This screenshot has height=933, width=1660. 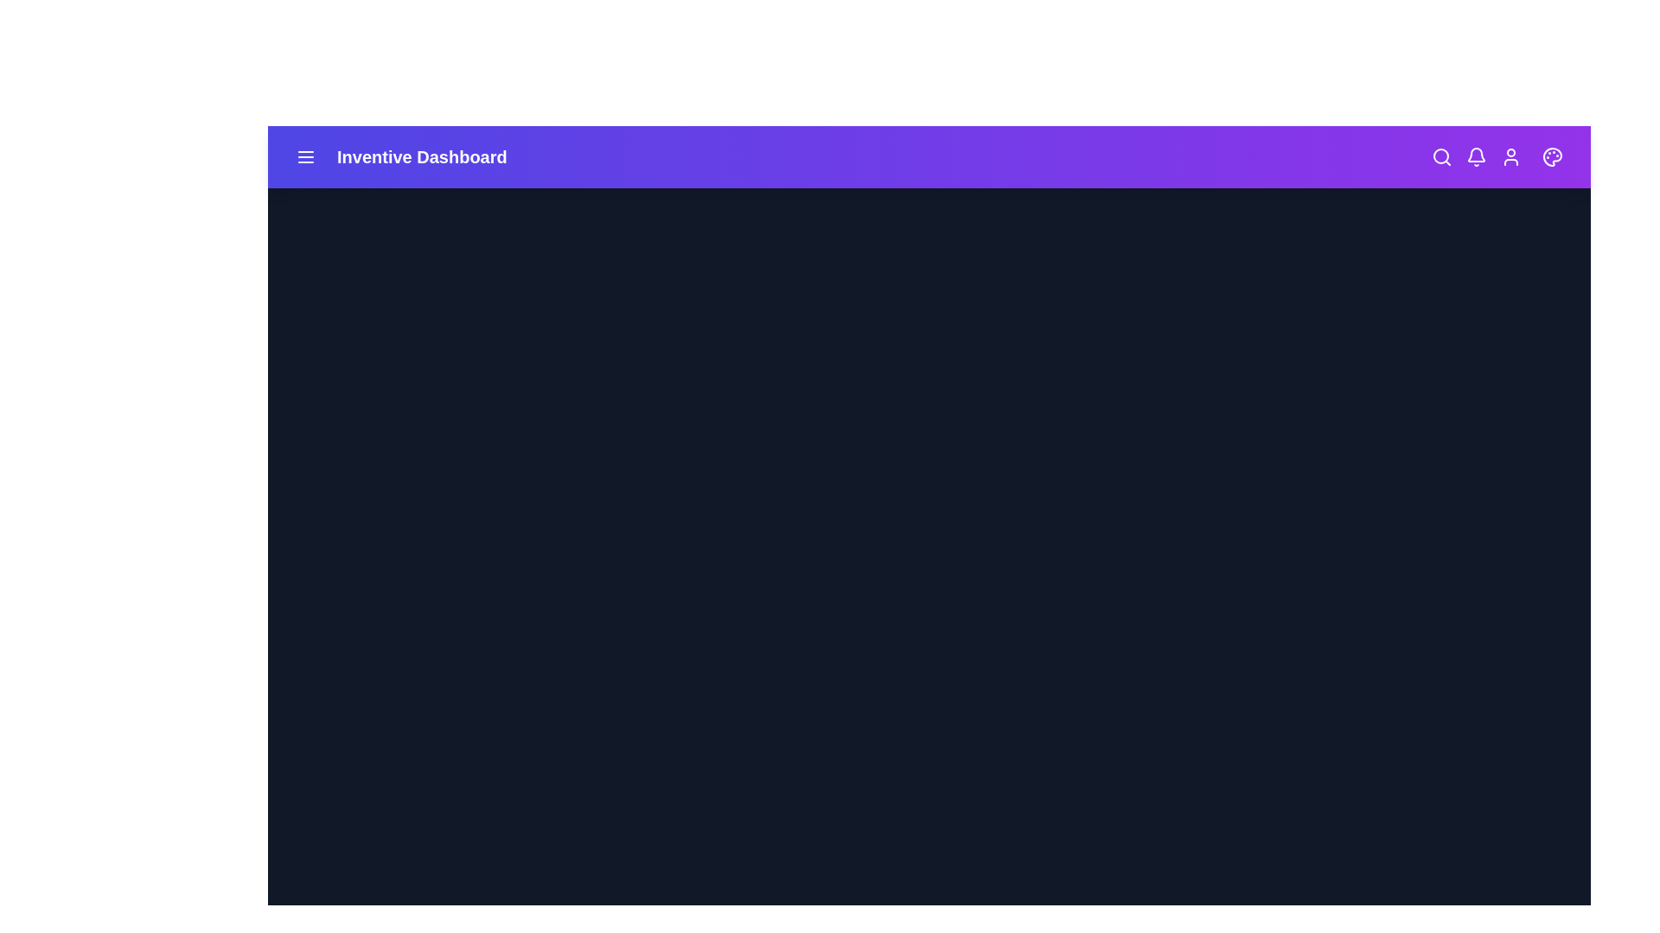 I want to click on the search icon to initiate the search functionality, so click(x=1442, y=156).